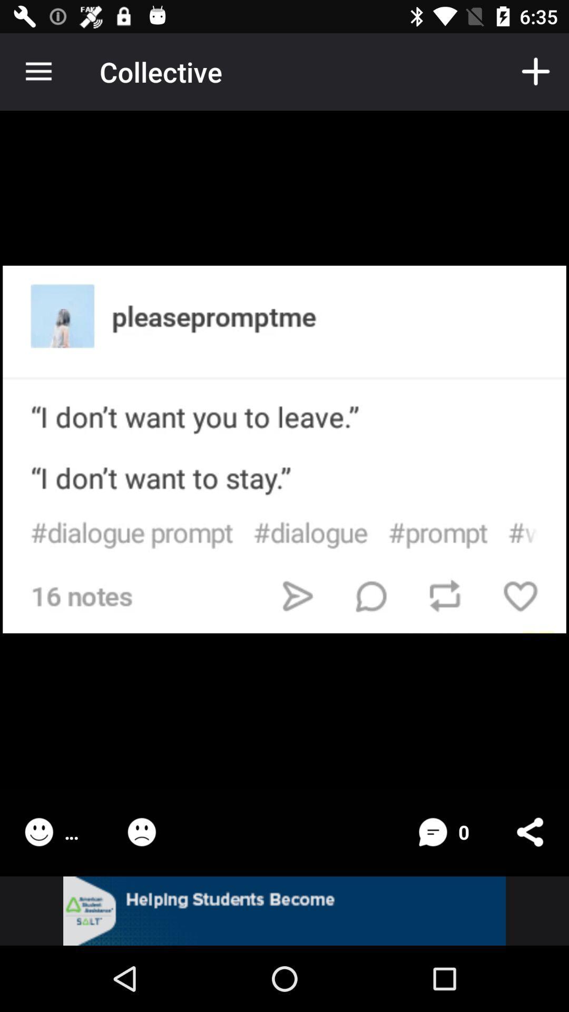 This screenshot has height=1012, width=569. I want to click on the option, so click(284, 910).